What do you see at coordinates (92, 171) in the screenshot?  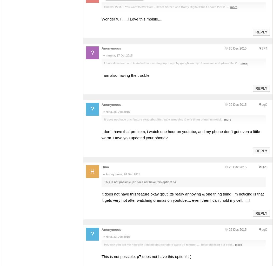 I see `'H'` at bounding box center [92, 171].